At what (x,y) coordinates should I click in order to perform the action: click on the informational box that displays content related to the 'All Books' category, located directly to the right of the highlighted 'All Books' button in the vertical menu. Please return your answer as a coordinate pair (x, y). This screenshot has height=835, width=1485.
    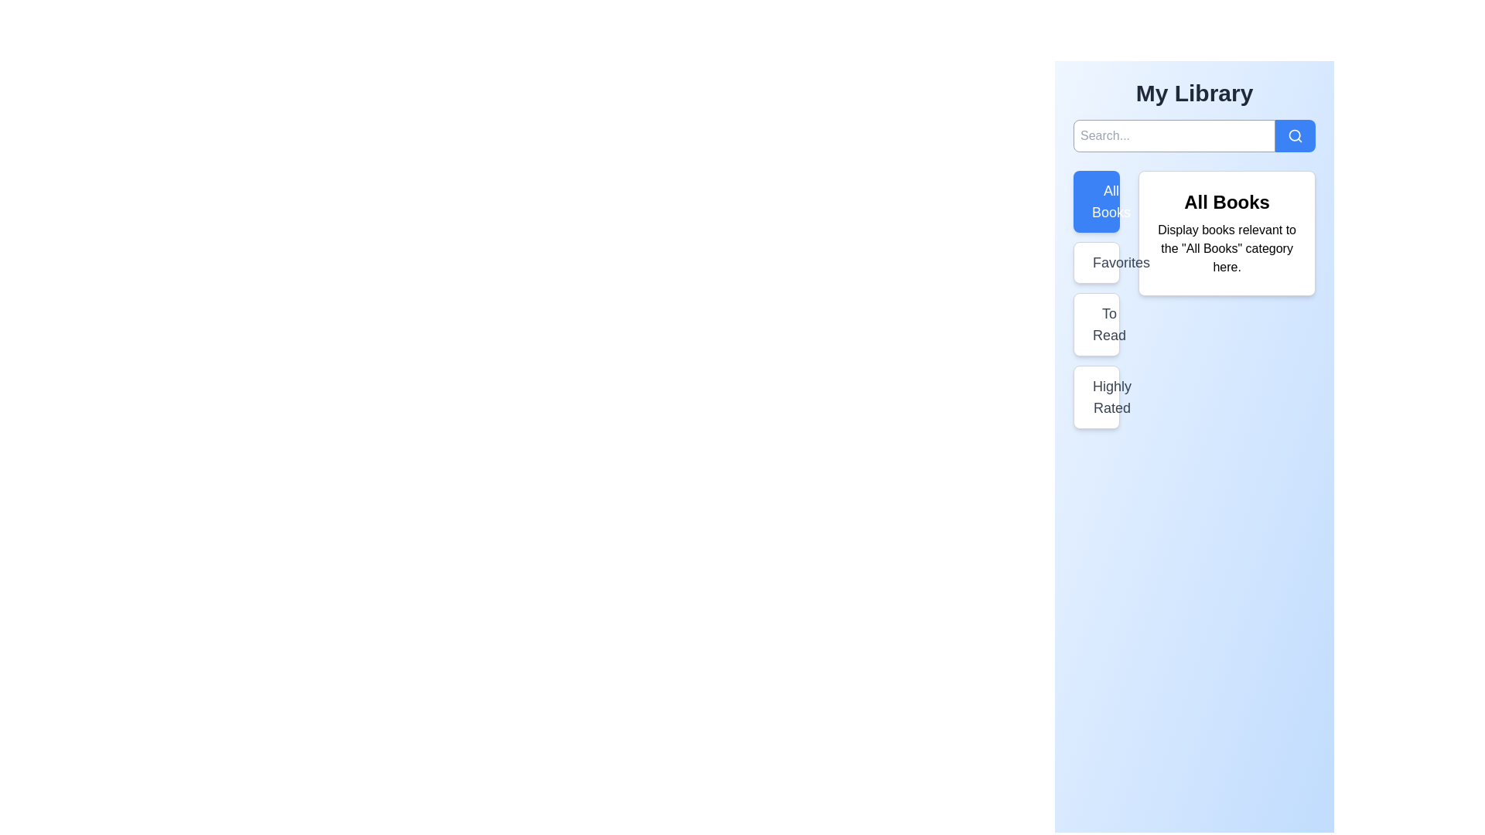
    Looking at the image, I should click on (1226, 233).